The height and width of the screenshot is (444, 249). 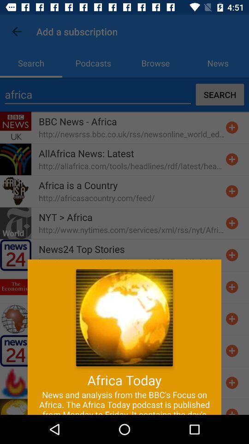 I want to click on the item at the center, so click(x=125, y=215).